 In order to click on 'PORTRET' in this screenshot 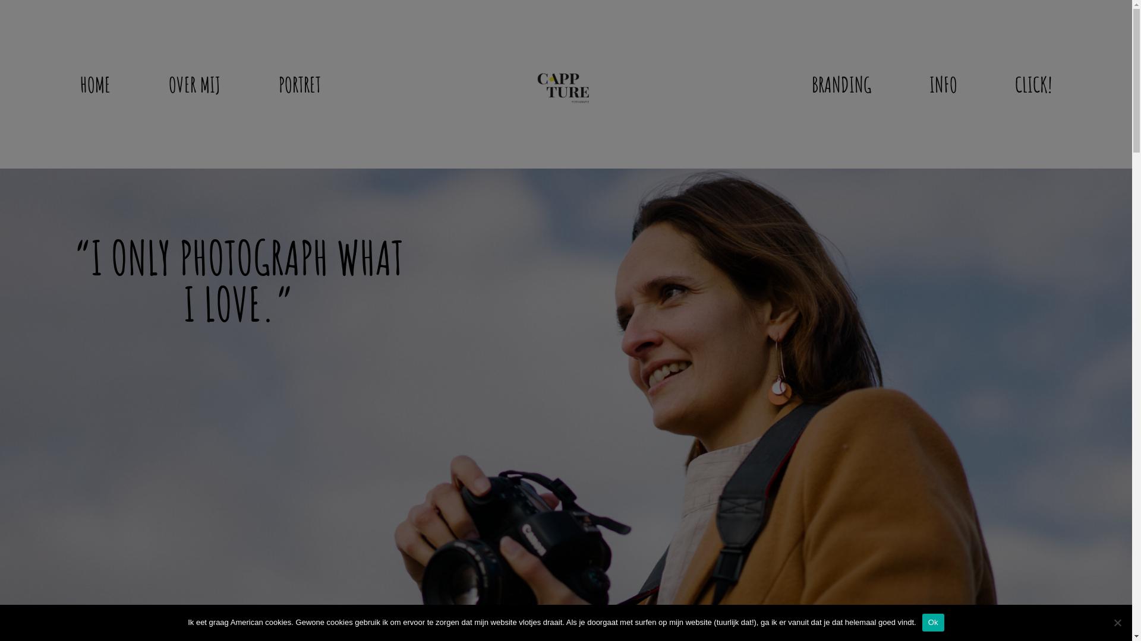, I will do `click(300, 84)`.